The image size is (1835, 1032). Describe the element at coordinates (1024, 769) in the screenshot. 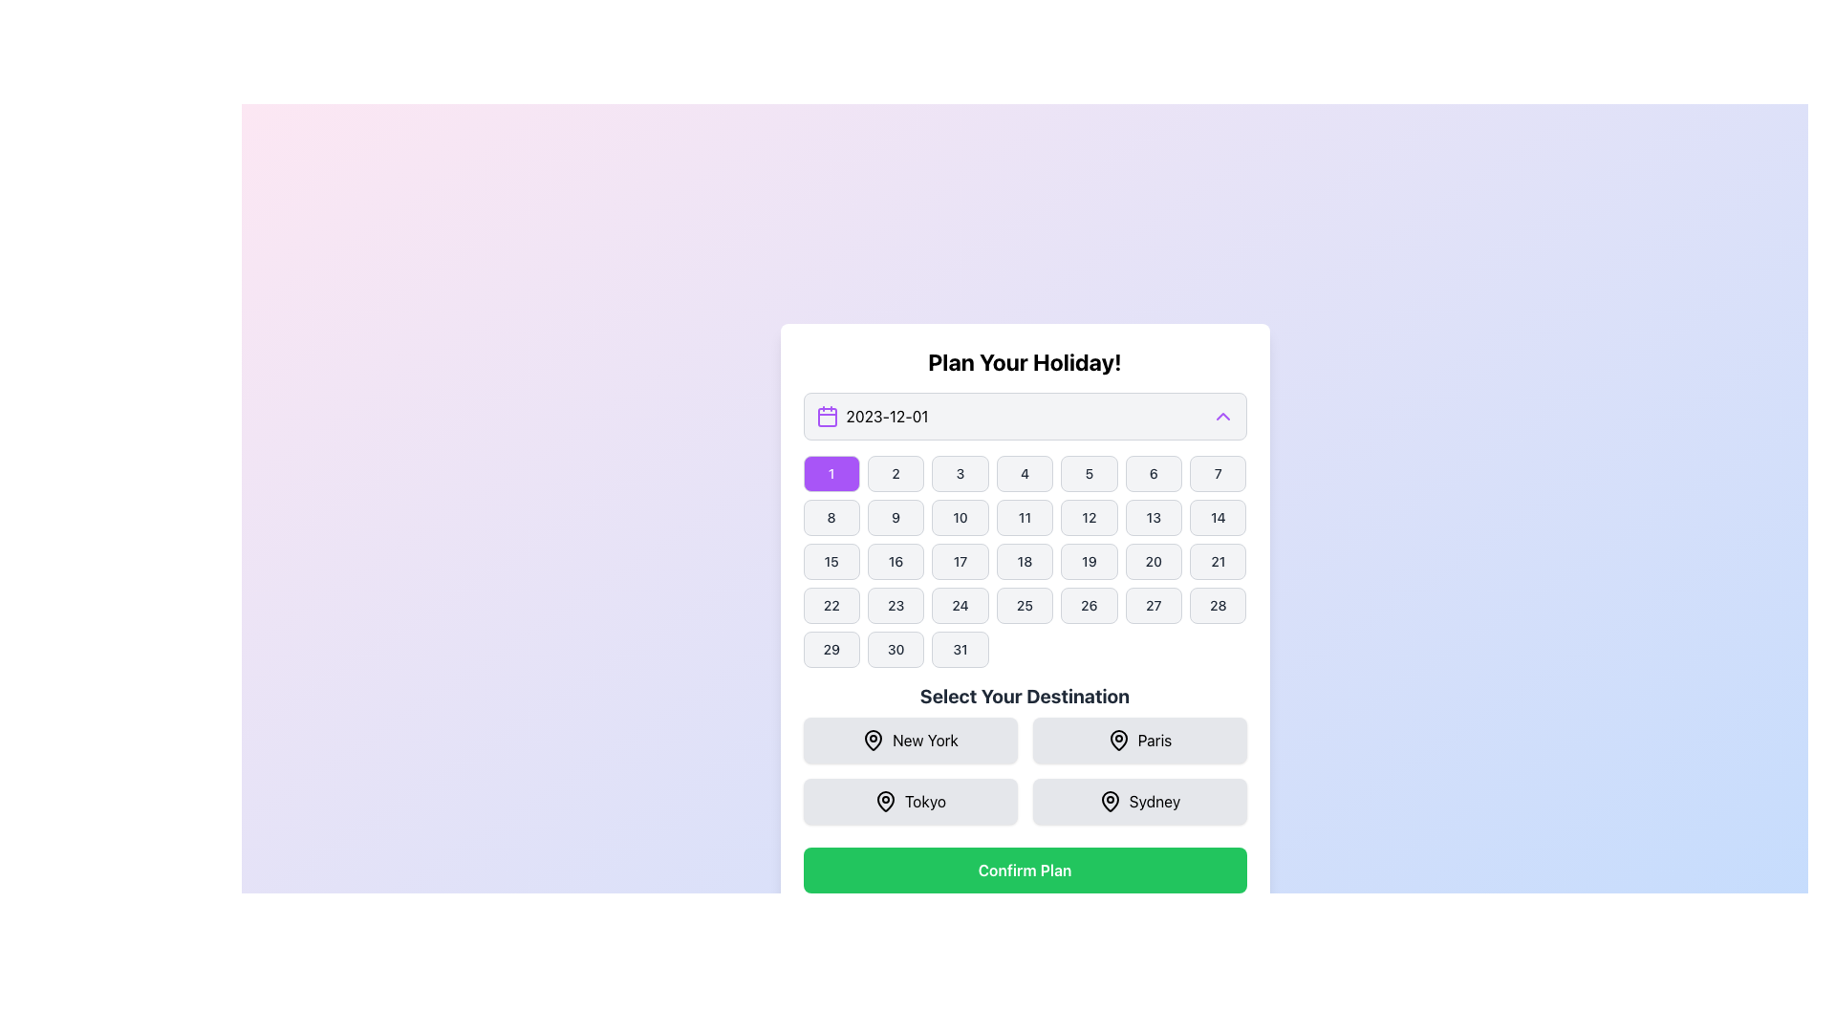

I see `the 'New York', 'Paris', 'Tokyo', or 'Sydney' option in the interactive grid` at that location.